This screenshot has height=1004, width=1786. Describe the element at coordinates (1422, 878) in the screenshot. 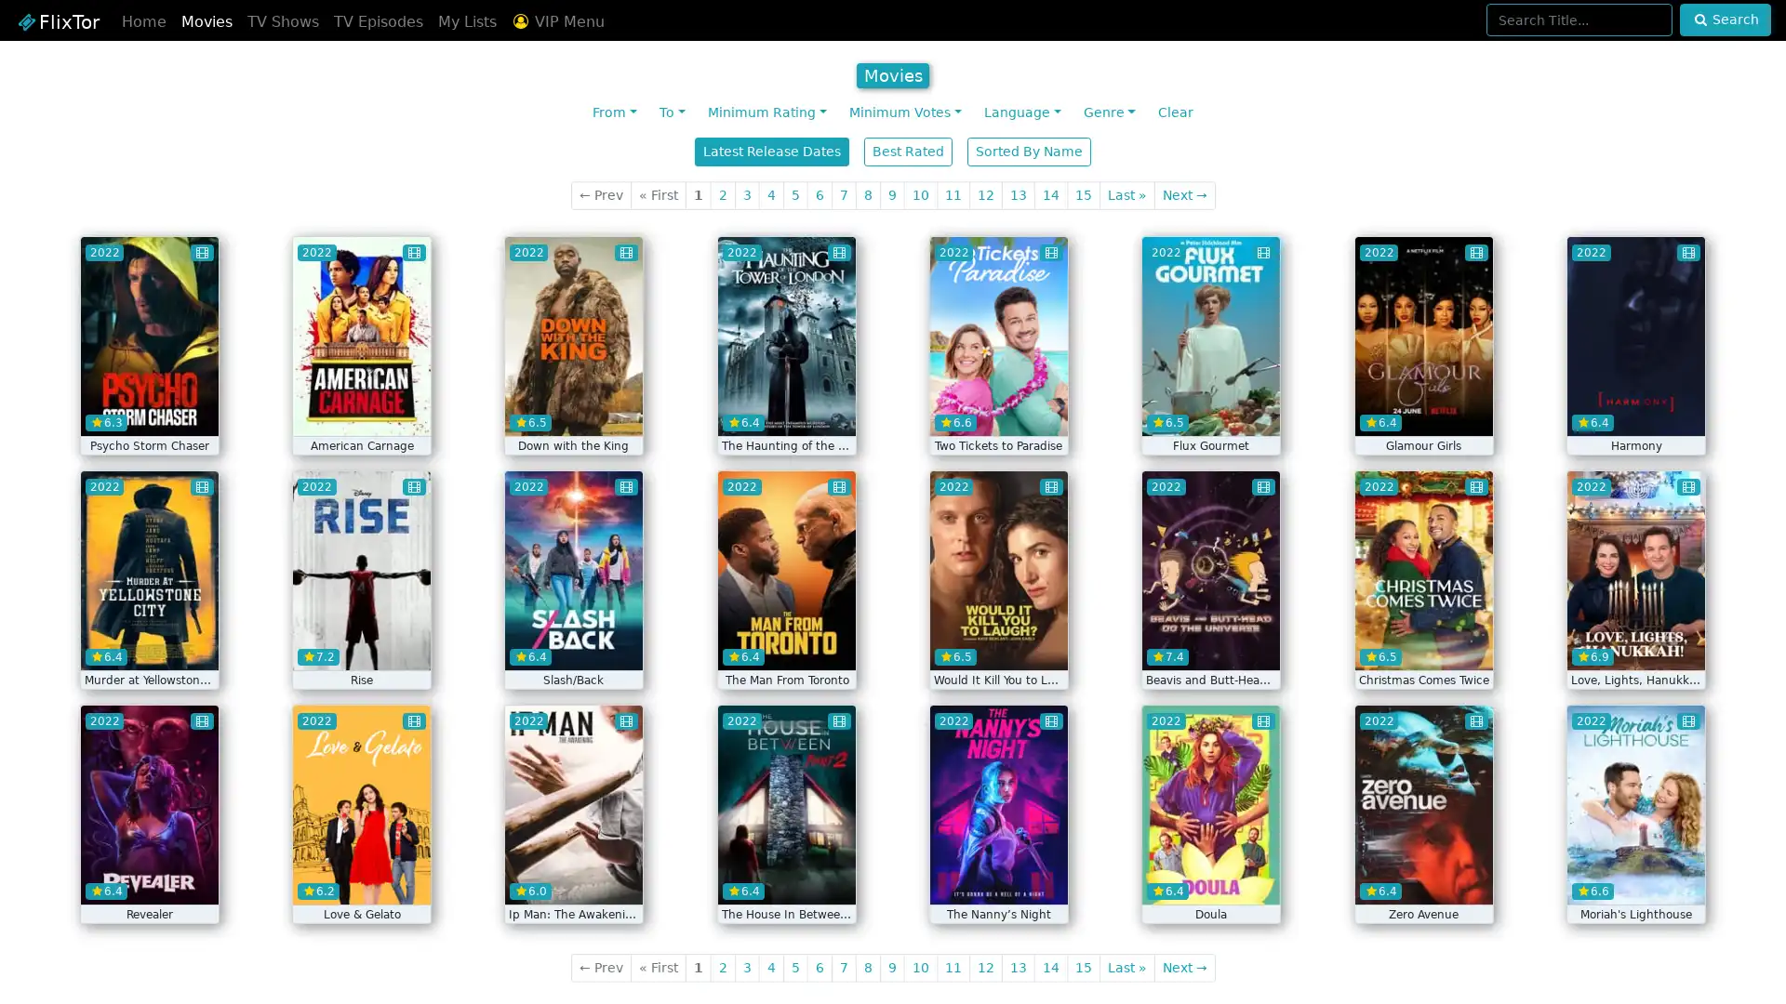

I see `Watch Now` at that location.